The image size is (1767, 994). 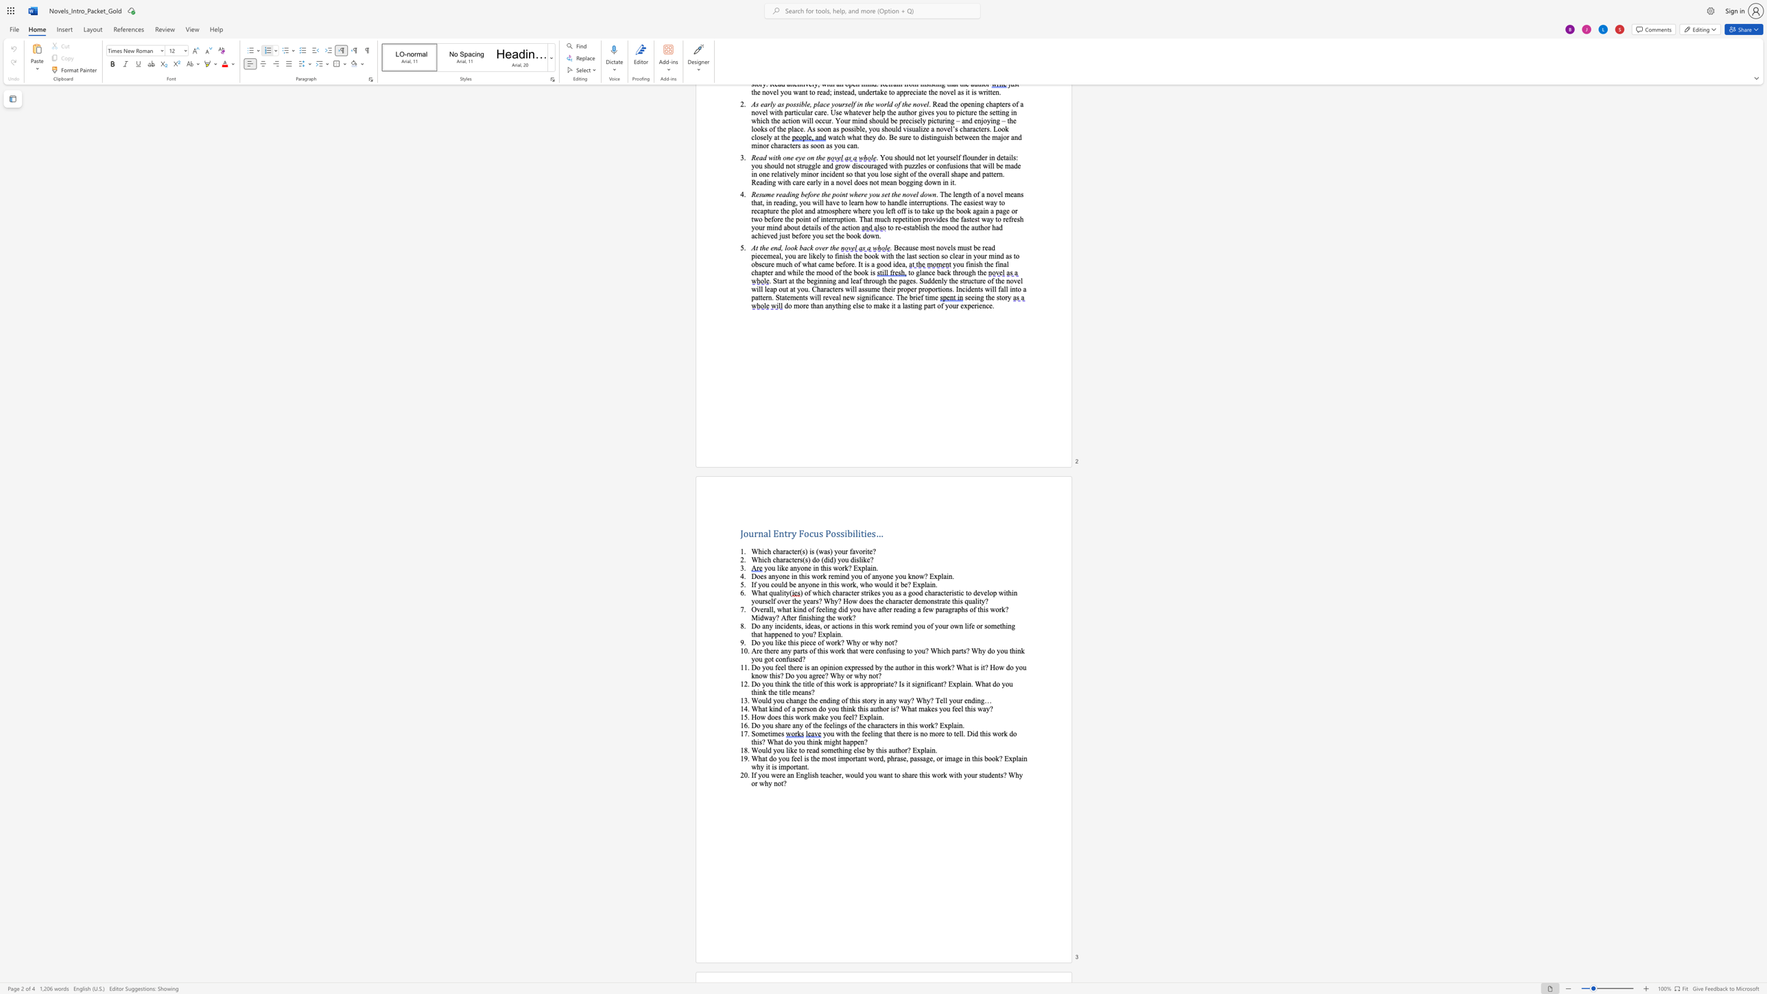 I want to click on the 2th character "m" in the text, so click(x=842, y=757).